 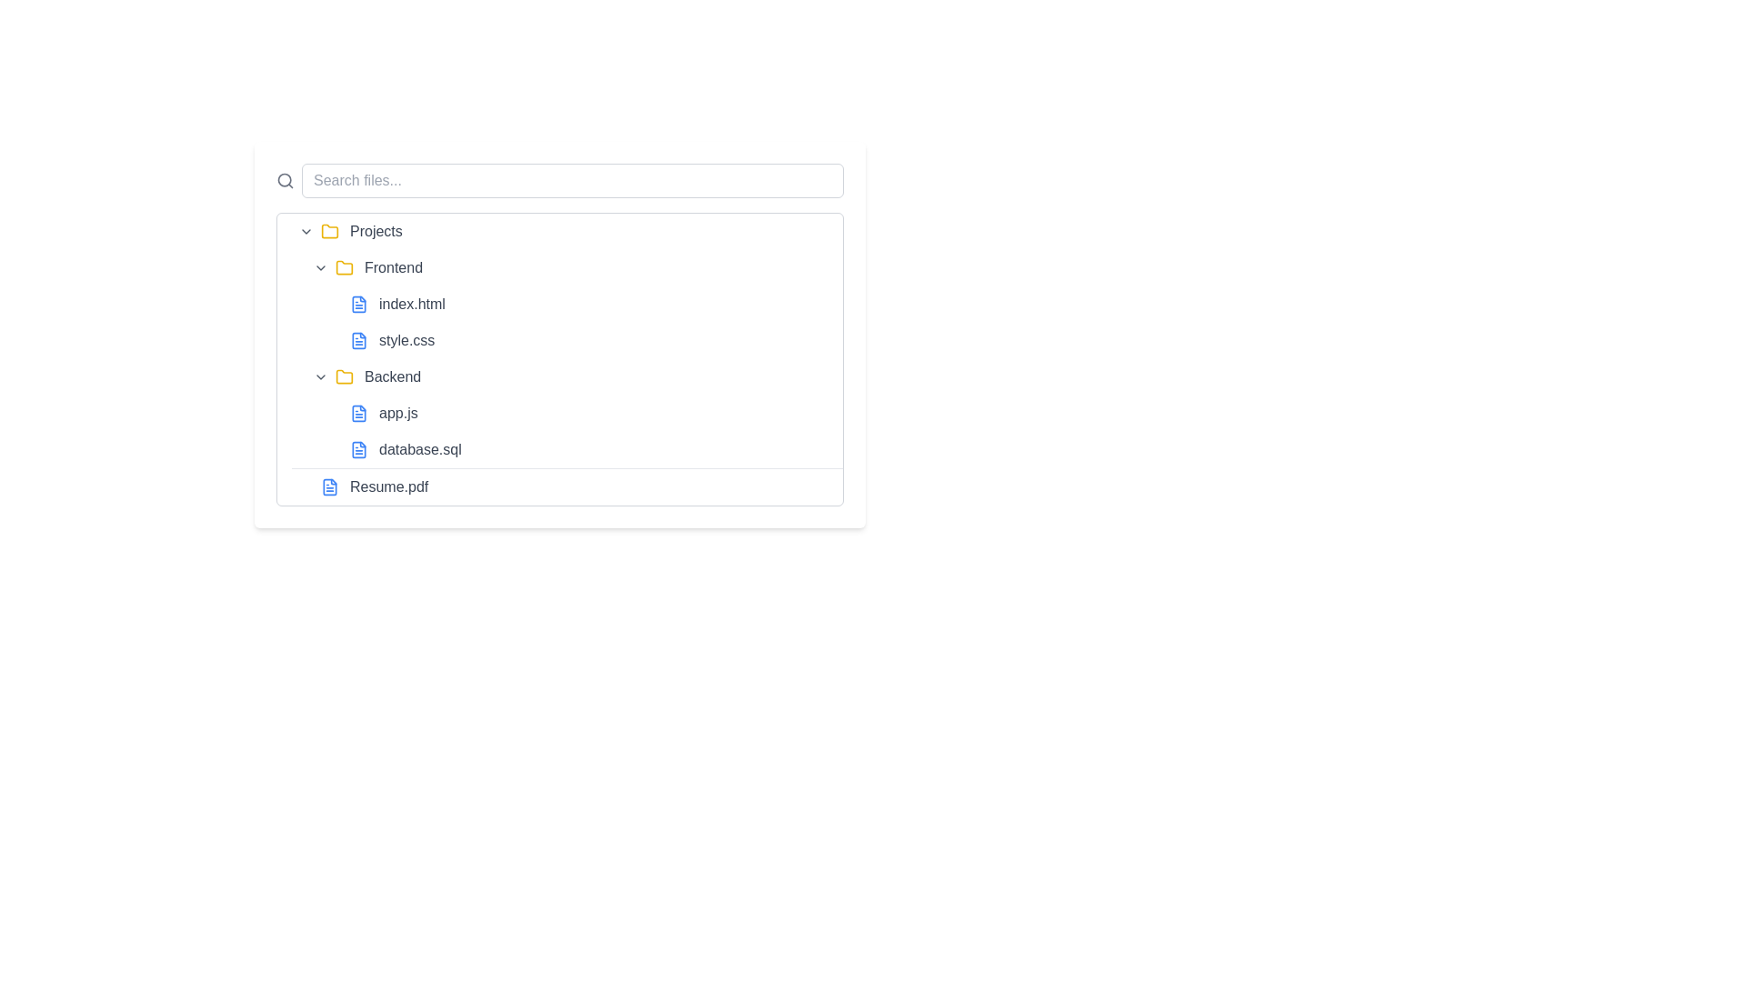 I want to click on the yellow folder-shaped icon located to the left of the 'Frontend' text in the hierarchical file listing structure, so click(x=345, y=267).